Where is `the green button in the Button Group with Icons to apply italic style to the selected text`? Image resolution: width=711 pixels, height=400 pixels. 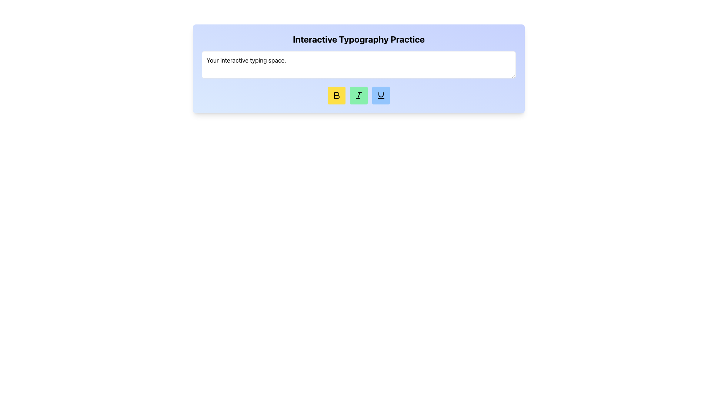 the green button in the Button Group with Icons to apply italic style to the selected text is located at coordinates (359, 95).